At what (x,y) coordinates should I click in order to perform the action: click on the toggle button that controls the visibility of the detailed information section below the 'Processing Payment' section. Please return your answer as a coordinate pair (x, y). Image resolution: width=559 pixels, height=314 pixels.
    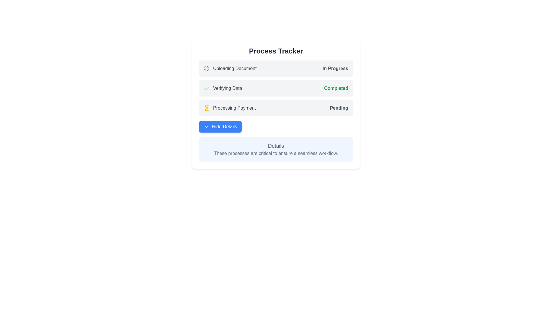
    Looking at the image, I should click on (220, 126).